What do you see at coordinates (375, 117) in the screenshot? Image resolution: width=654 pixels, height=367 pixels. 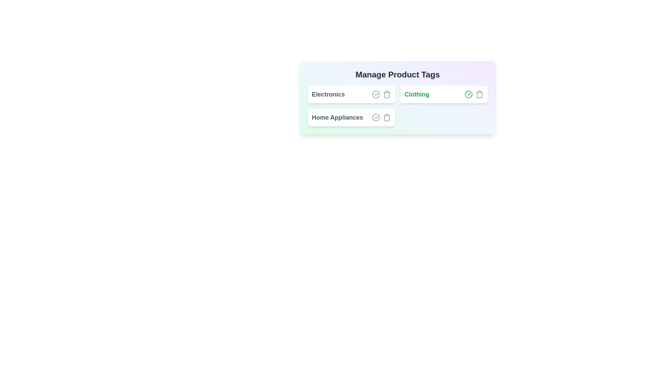 I see `the tag 'Home Appliances' by clicking its toggle button` at bounding box center [375, 117].